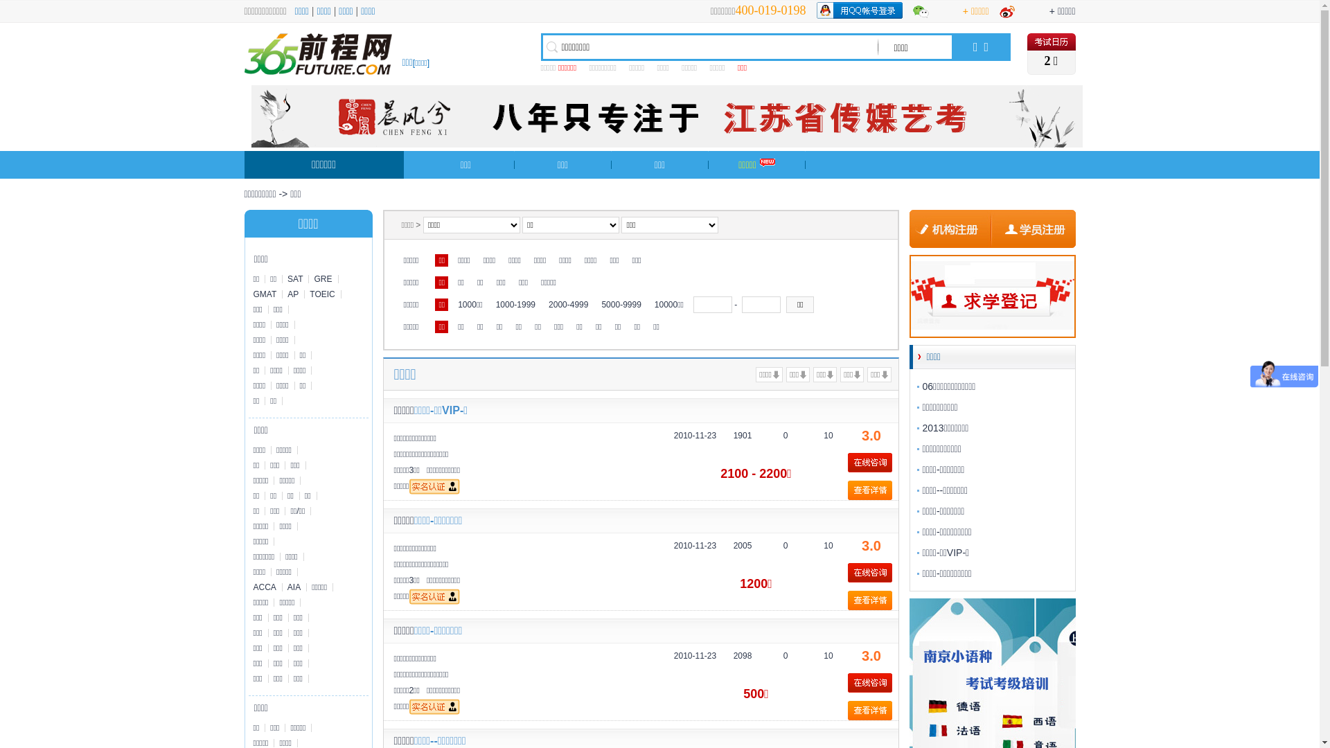 This screenshot has width=1330, height=748. I want to click on 'GRE', so click(322, 278).